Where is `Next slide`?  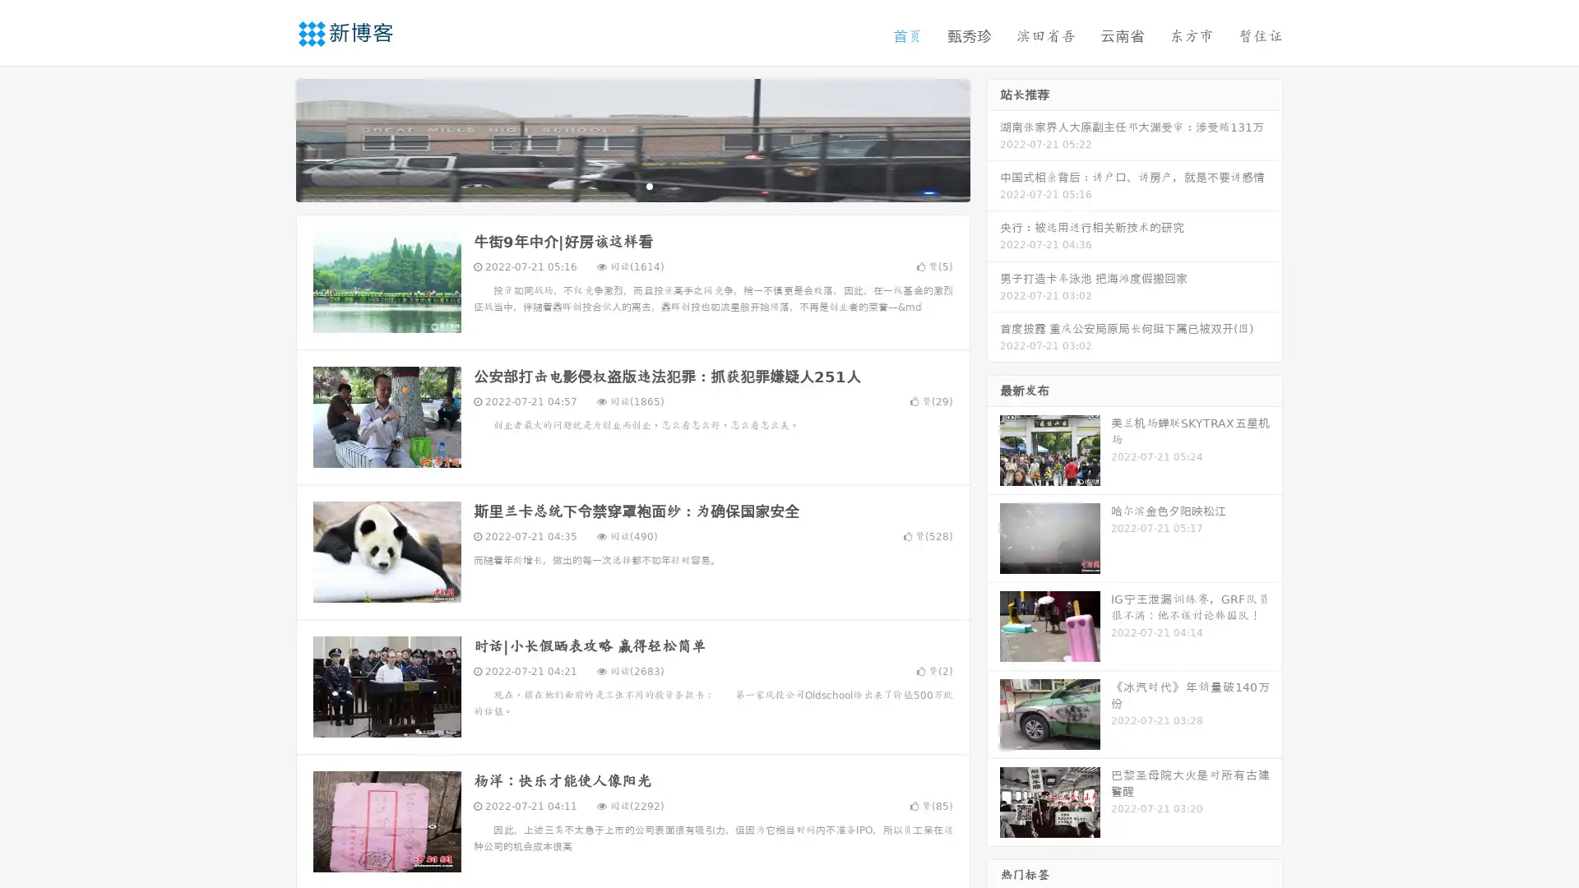
Next slide is located at coordinates (993, 138).